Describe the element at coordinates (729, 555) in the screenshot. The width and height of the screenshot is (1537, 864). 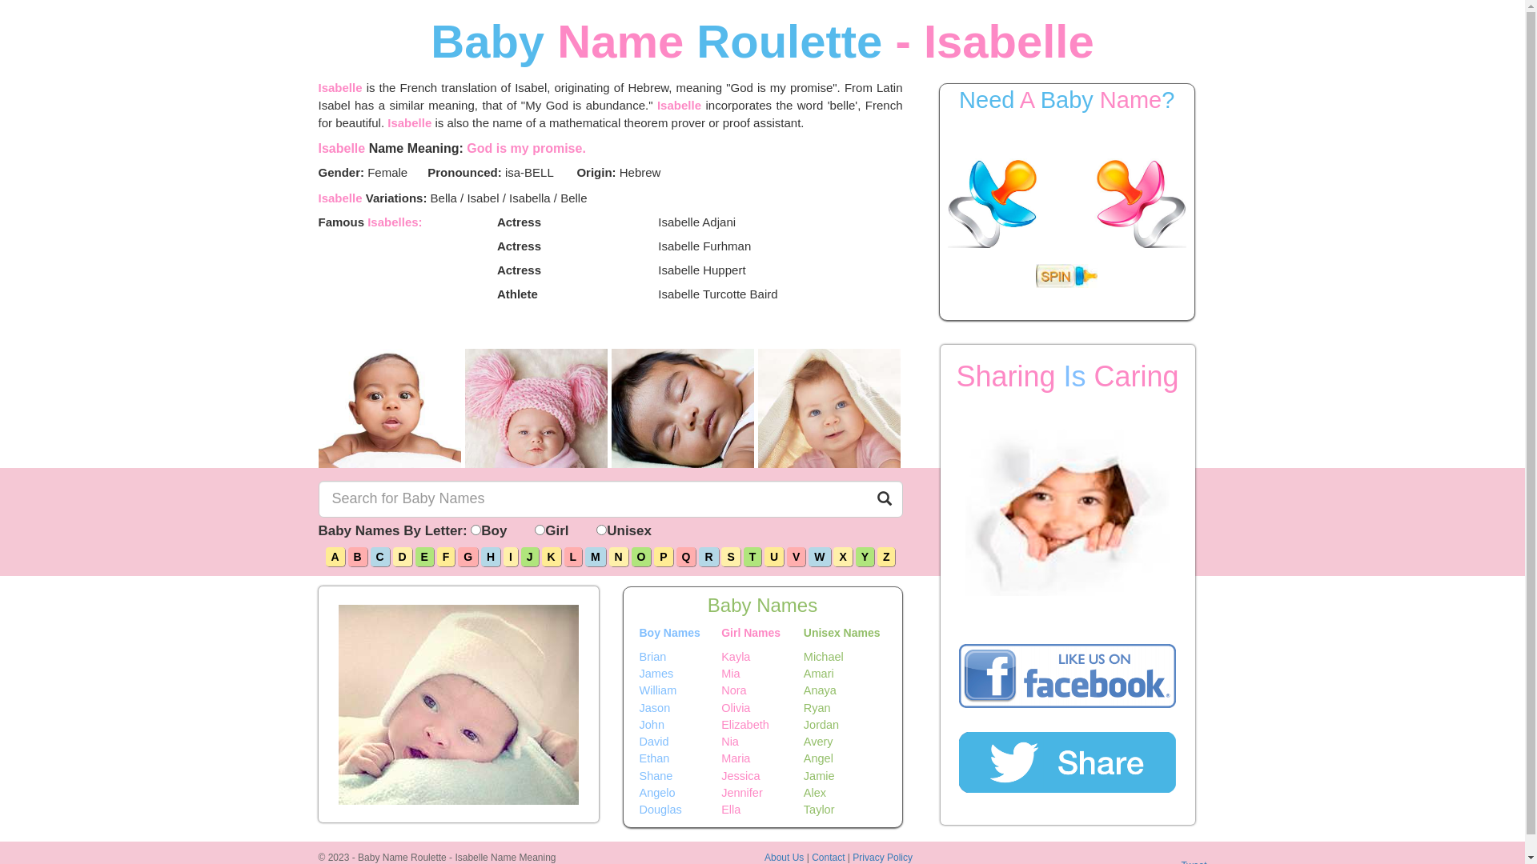
I see `'S'` at that location.